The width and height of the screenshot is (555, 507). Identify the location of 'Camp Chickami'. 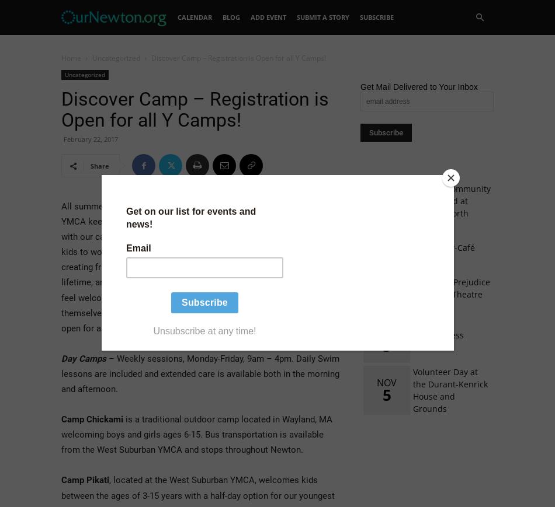
(61, 419).